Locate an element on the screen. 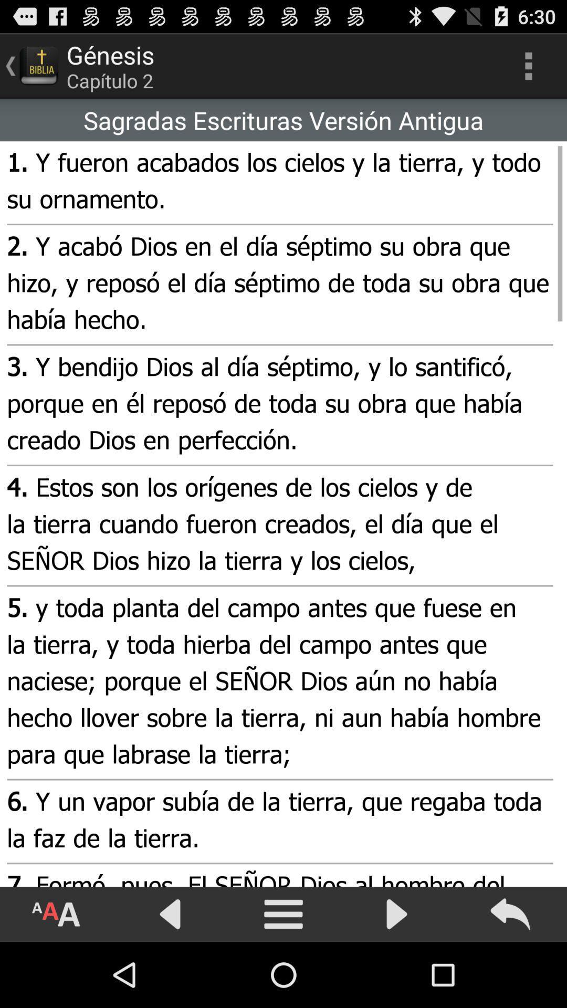  the item below the 6 y un app is located at coordinates (278, 875).